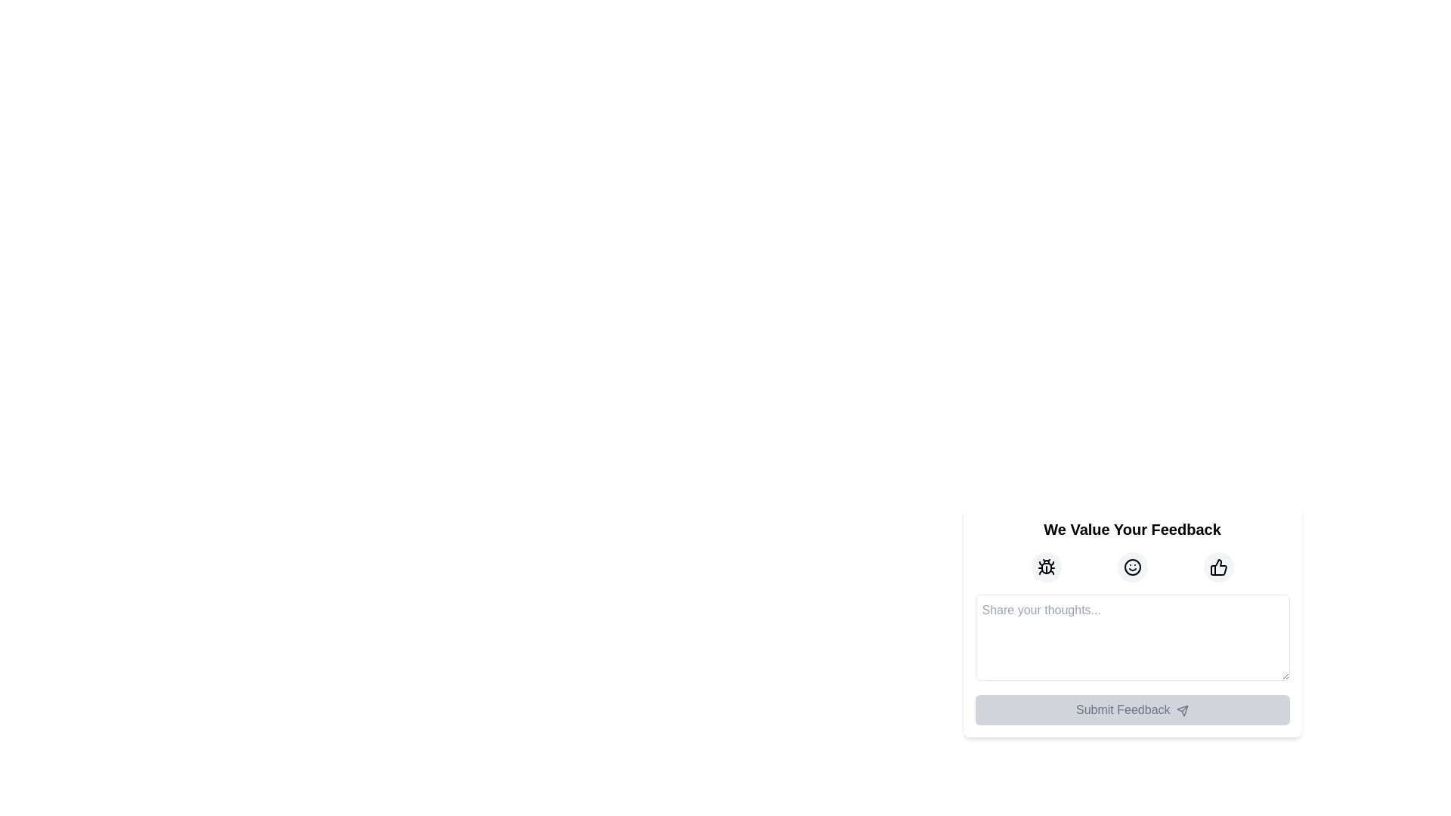 This screenshot has height=816, width=1451. What do you see at coordinates (1045, 567) in the screenshot?
I see `the 'Report' or 'Bug Reporting' icon located on the leftmost side of a trio of icons above the 'Share your thoughts' text field` at bounding box center [1045, 567].